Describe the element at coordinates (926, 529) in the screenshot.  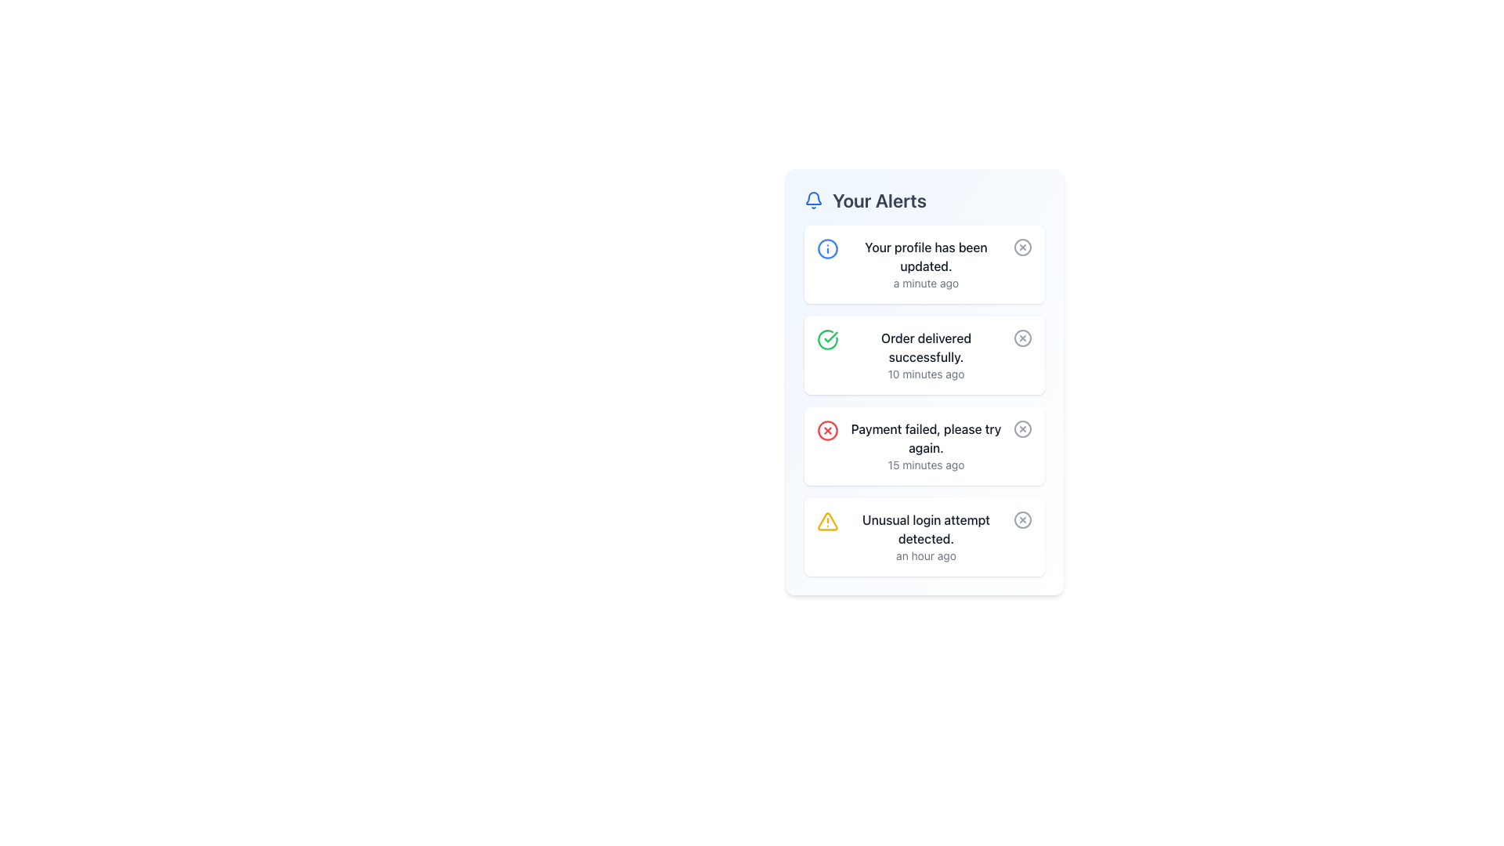
I see `text label that notifies the user about a potential security issue, located at the top of the notification card in the 'Your Alerts' panel, above the timestamp 'an hour ago'` at that location.